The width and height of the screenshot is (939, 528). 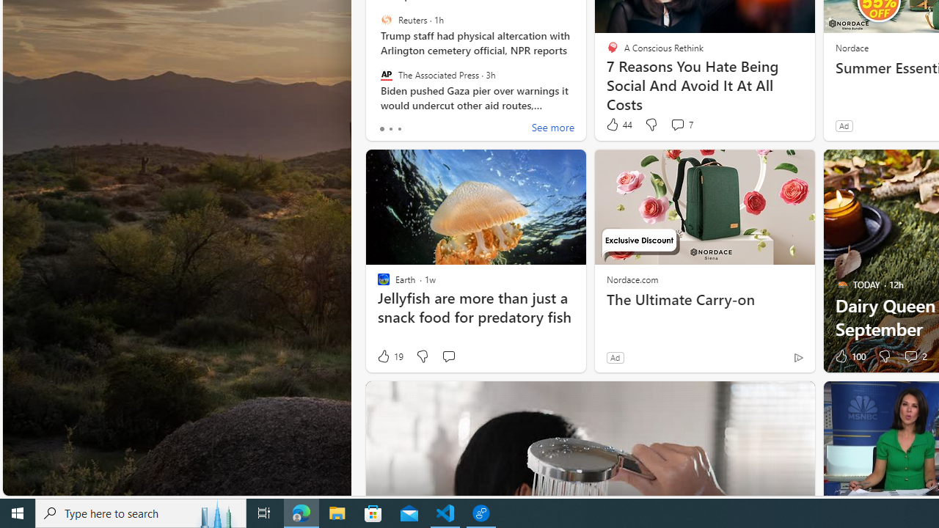 What do you see at coordinates (676, 123) in the screenshot?
I see `'View comments 7 Comment'` at bounding box center [676, 123].